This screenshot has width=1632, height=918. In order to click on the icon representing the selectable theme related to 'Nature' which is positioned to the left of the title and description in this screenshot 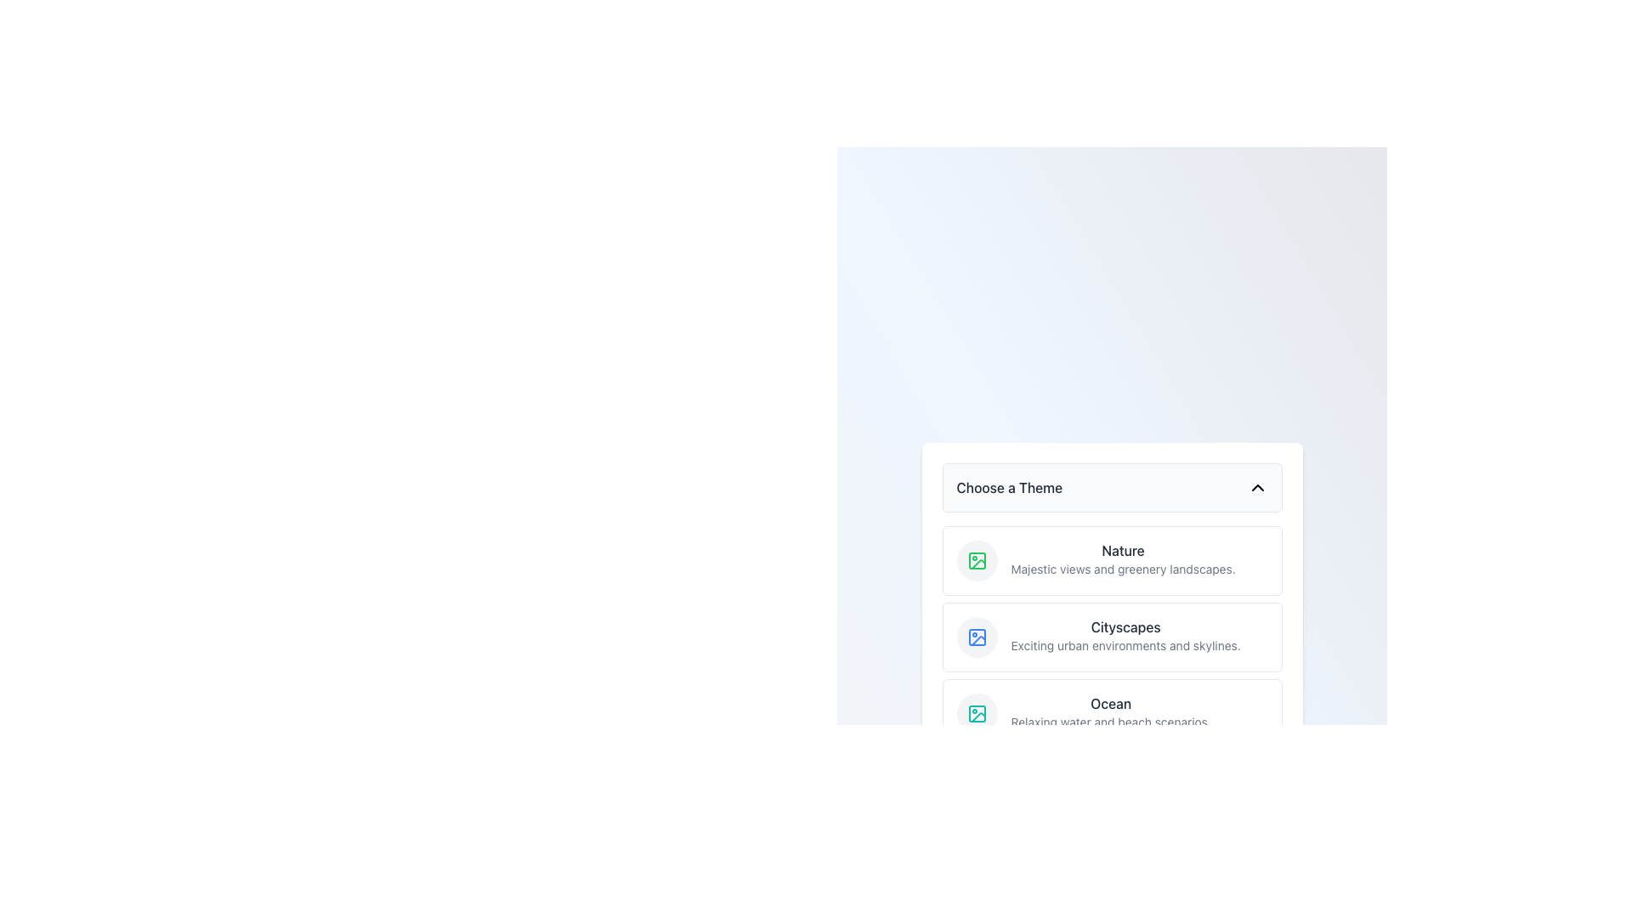, I will do `click(977, 560)`.